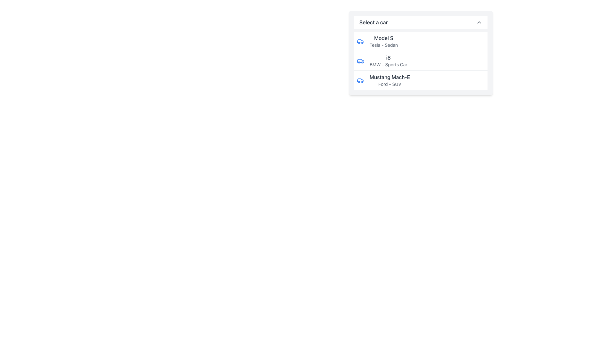  What do you see at coordinates (384, 41) in the screenshot?
I see `text label displaying 'Model S' and 'Tesla - Sedan', which is the first entry in the dropdown menu below 'Select a car'` at bounding box center [384, 41].